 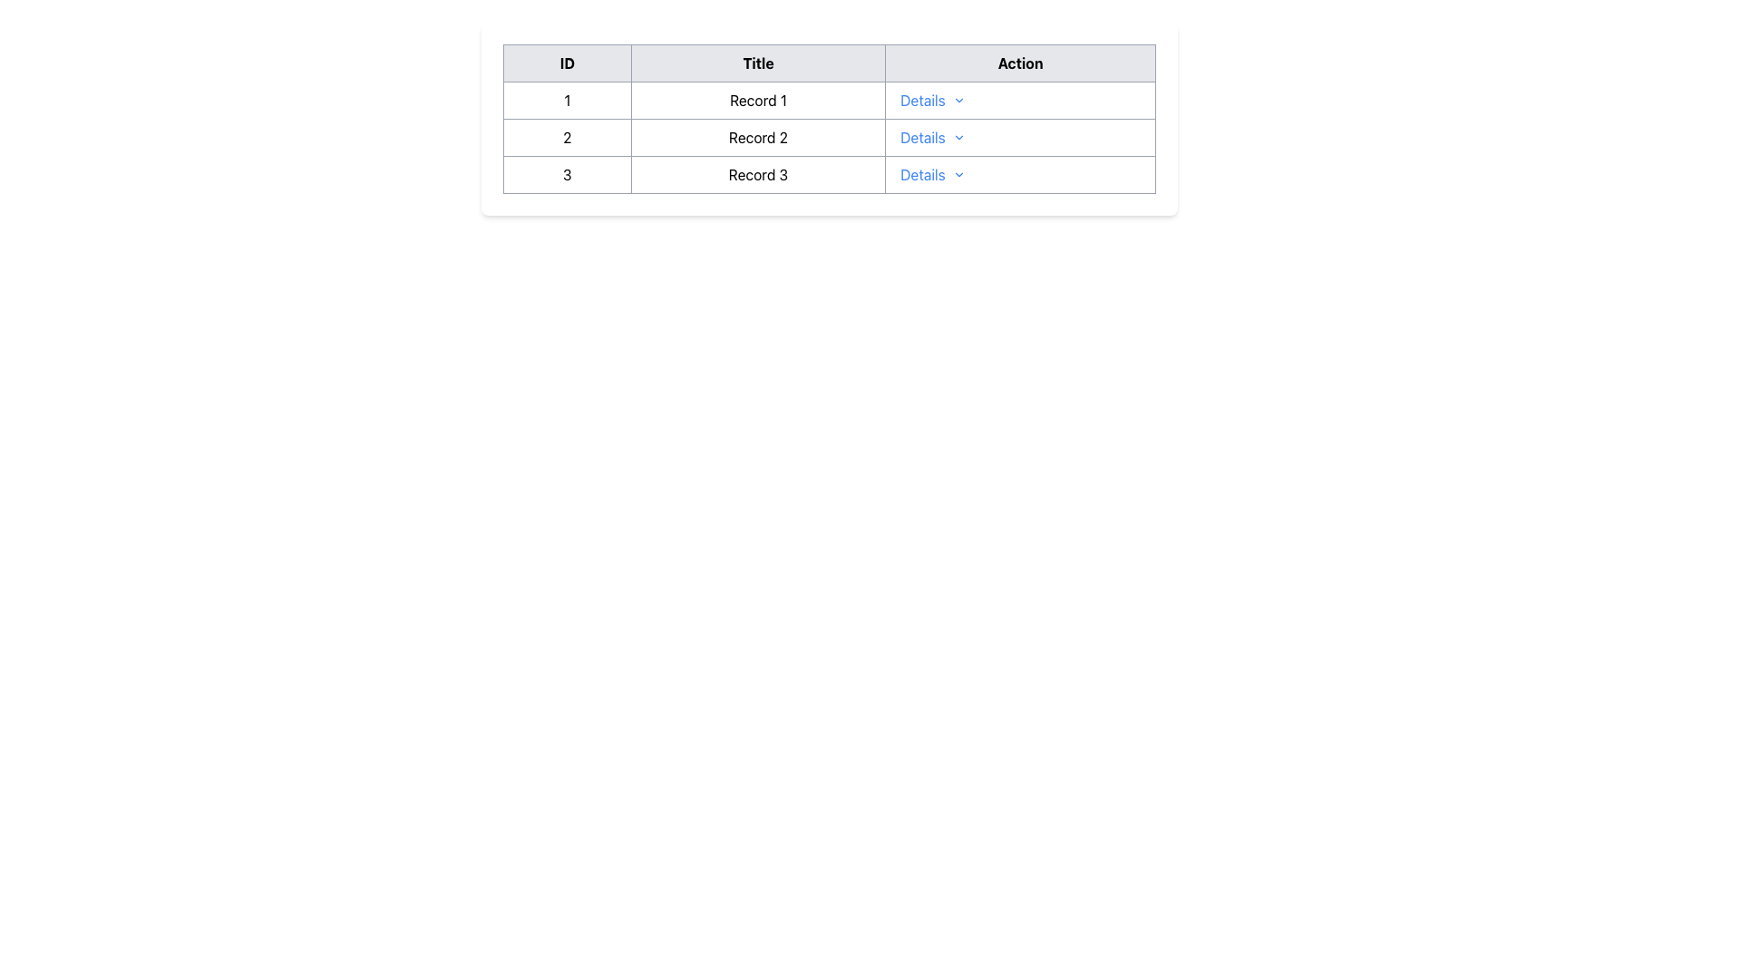 I want to click on text of the Table Header Cell labeled 'ID' which is the first column header in the table layout, so click(x=566, y=62).